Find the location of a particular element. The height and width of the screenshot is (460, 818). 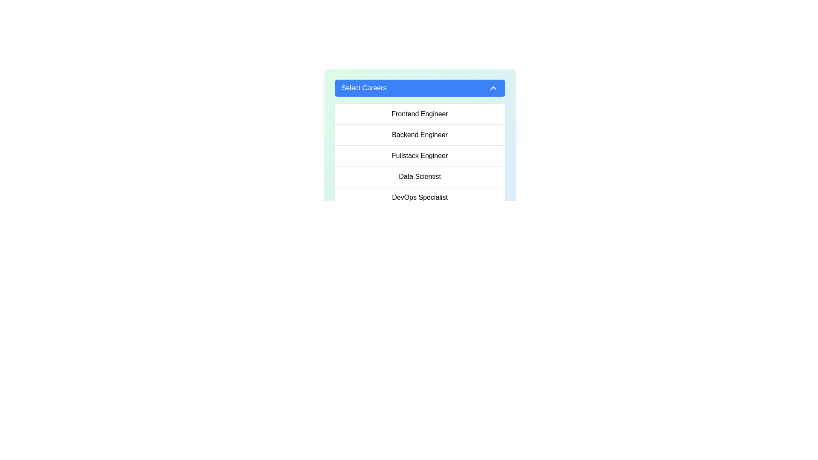

the 'Fullstack Engineer' option in the dropdown menu, which is styled with a gradient background and is the third option among the career choices is located at coordinates (420, 154).